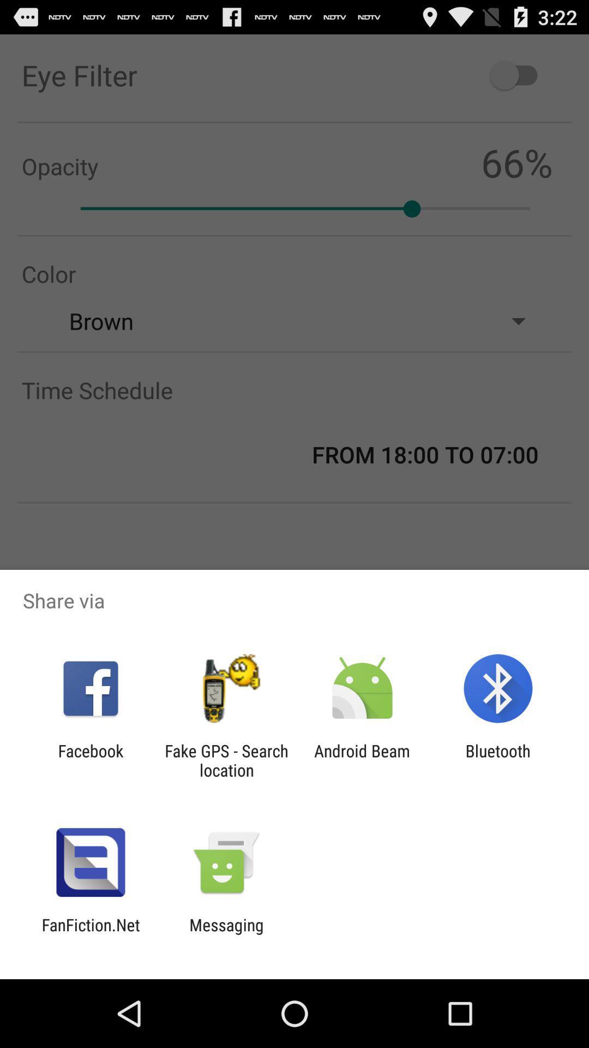 The width and height of the screenshot is (589, 1048). I want to click on app to the right of fake gps search icon, so click(362, 760).